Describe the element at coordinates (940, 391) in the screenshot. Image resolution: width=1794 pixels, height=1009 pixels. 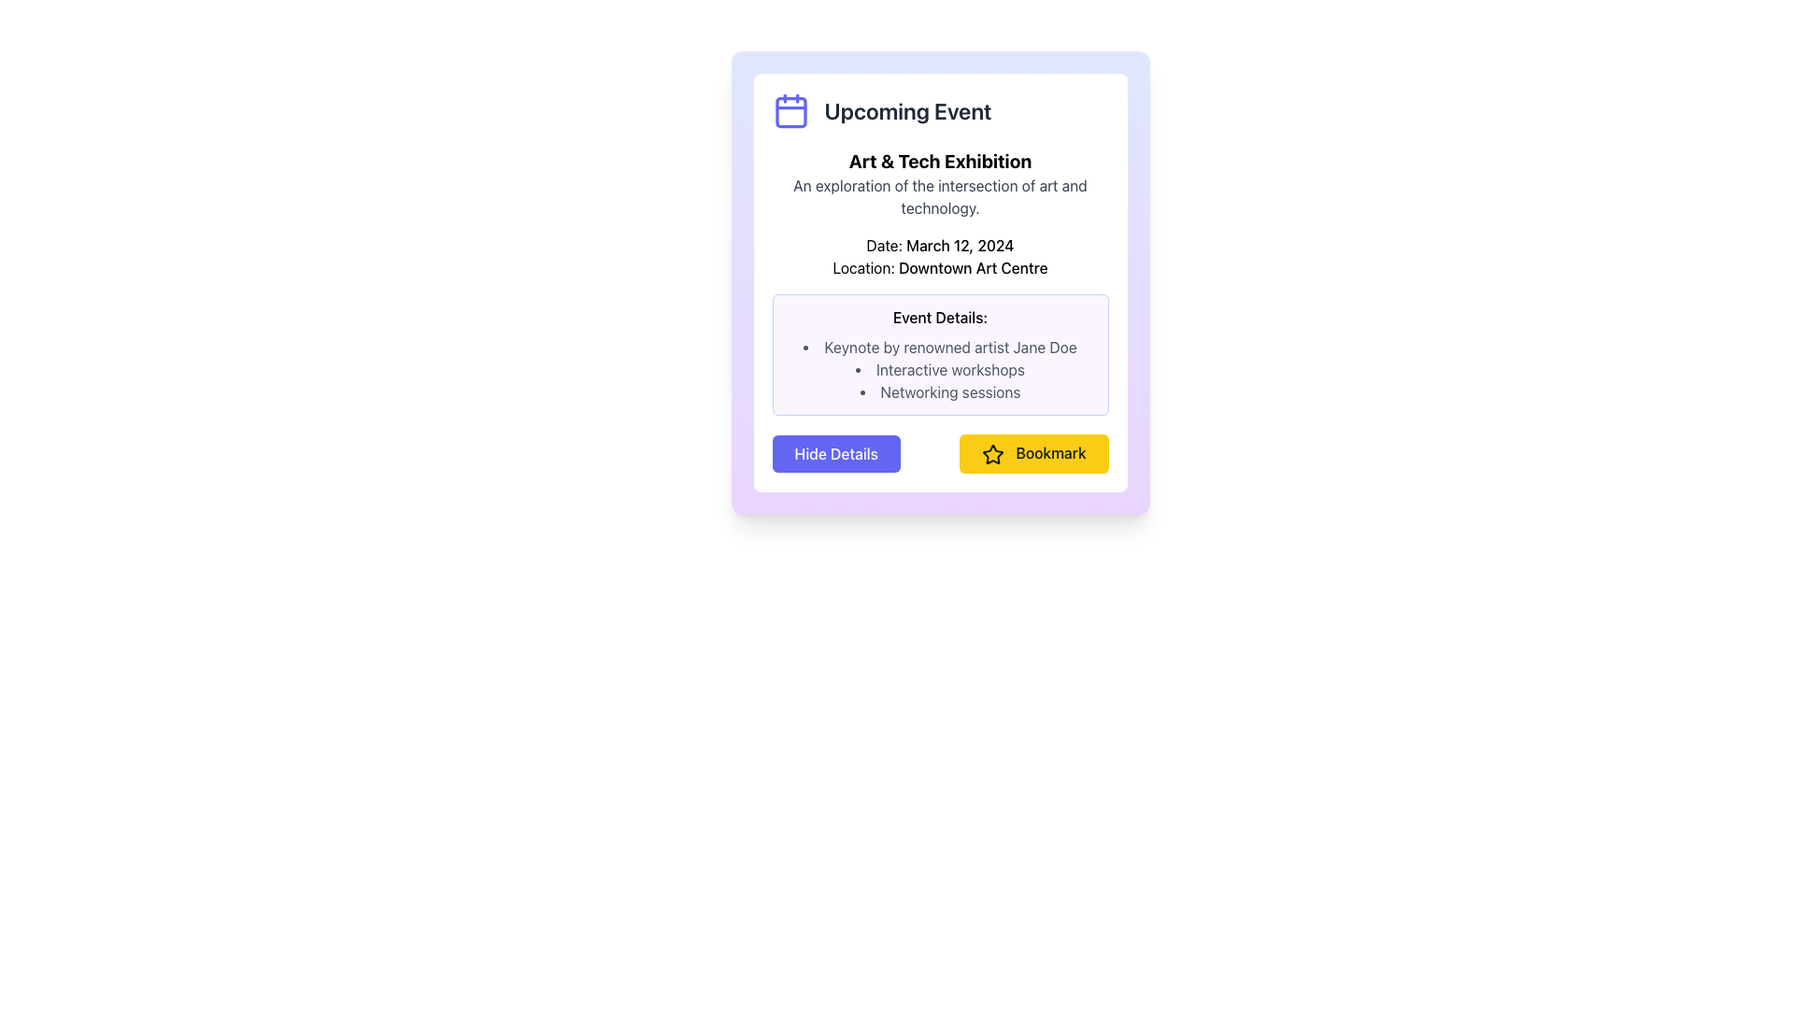
I see `text item labeled 'Networking sessions,' which is the third item in the bulleted list under the 'Event Details' section` at that location.